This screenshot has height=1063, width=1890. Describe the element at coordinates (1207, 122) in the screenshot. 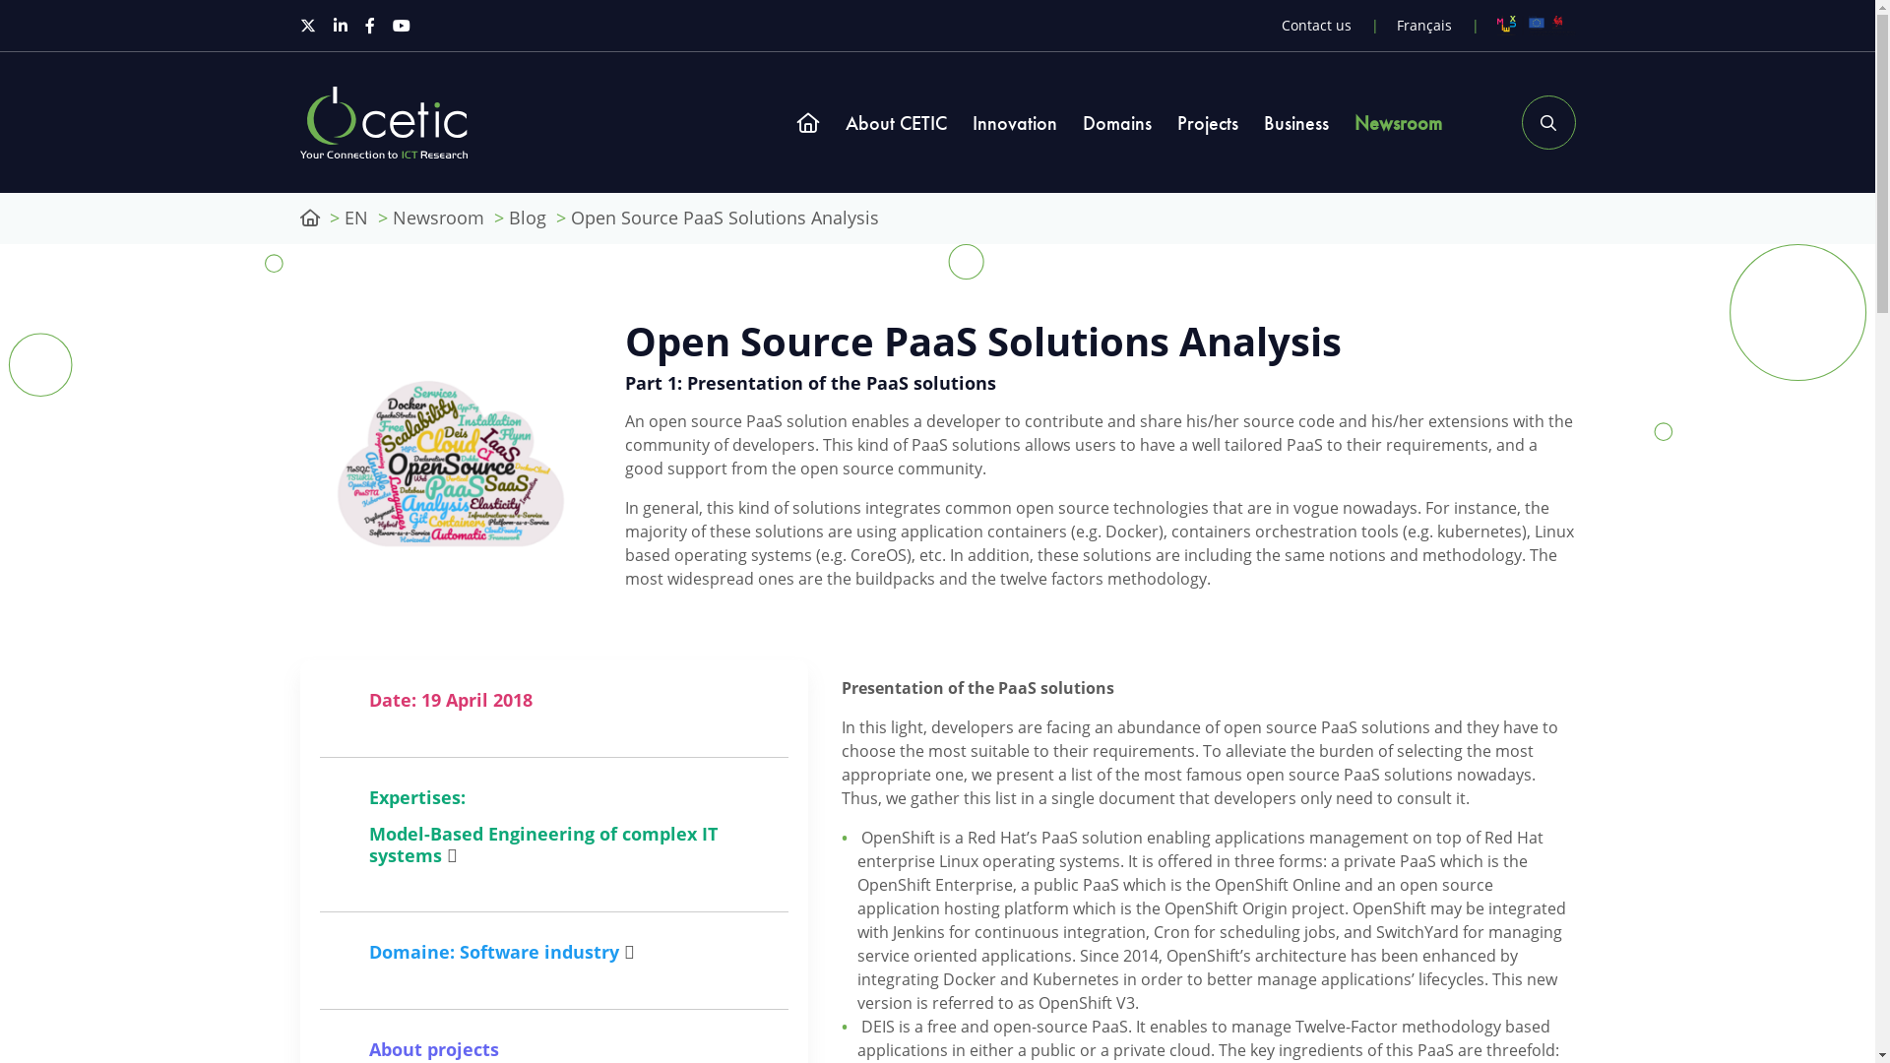

I see `'Projects'` at that location.